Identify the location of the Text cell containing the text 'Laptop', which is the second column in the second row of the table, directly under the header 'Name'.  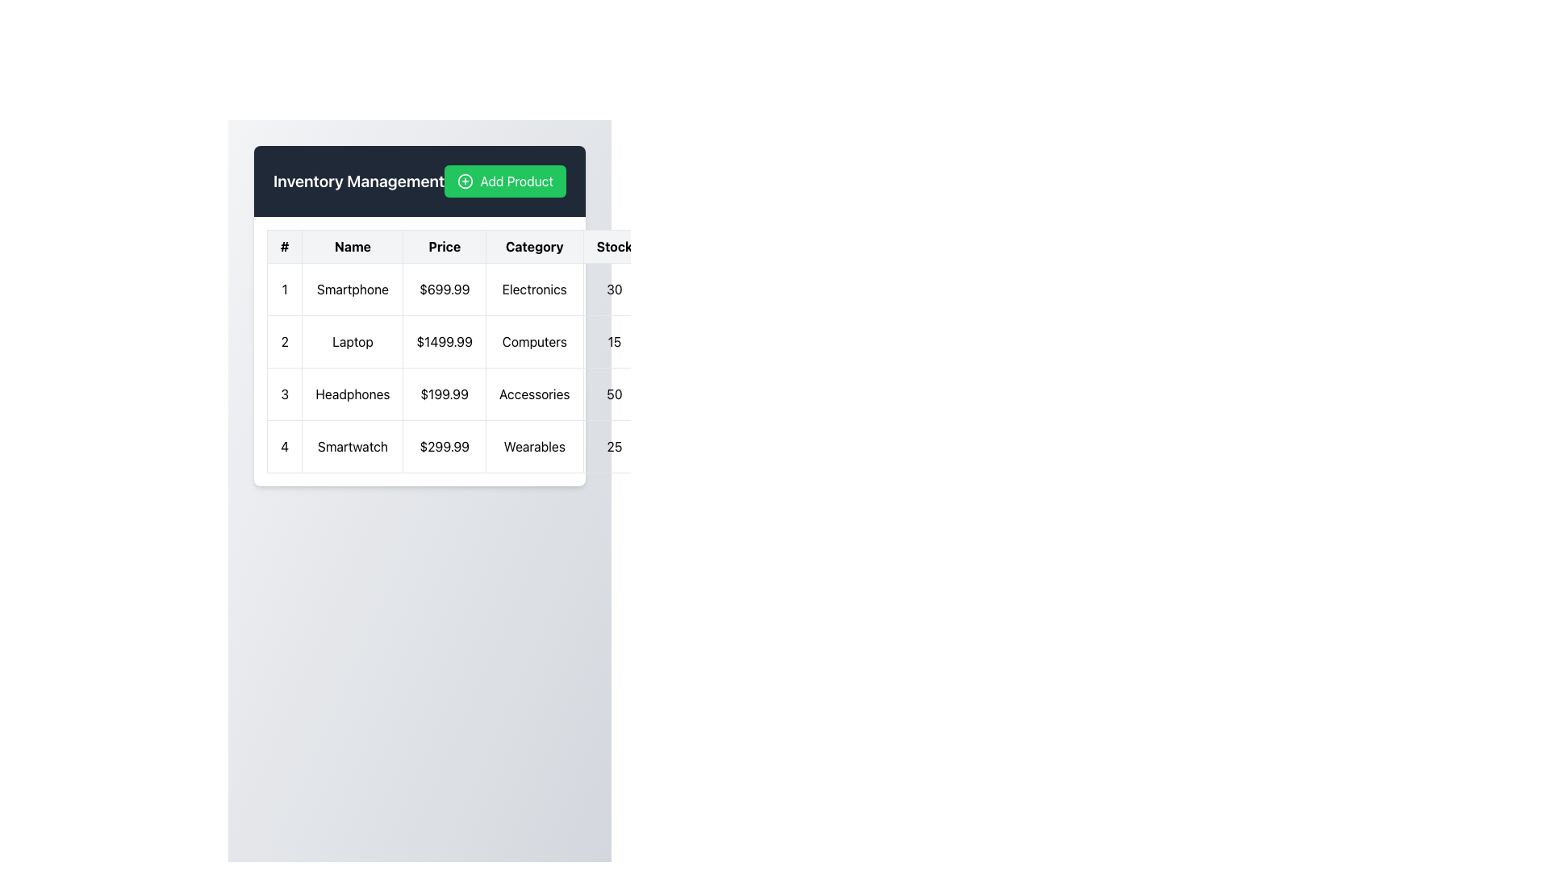
(352, 341).